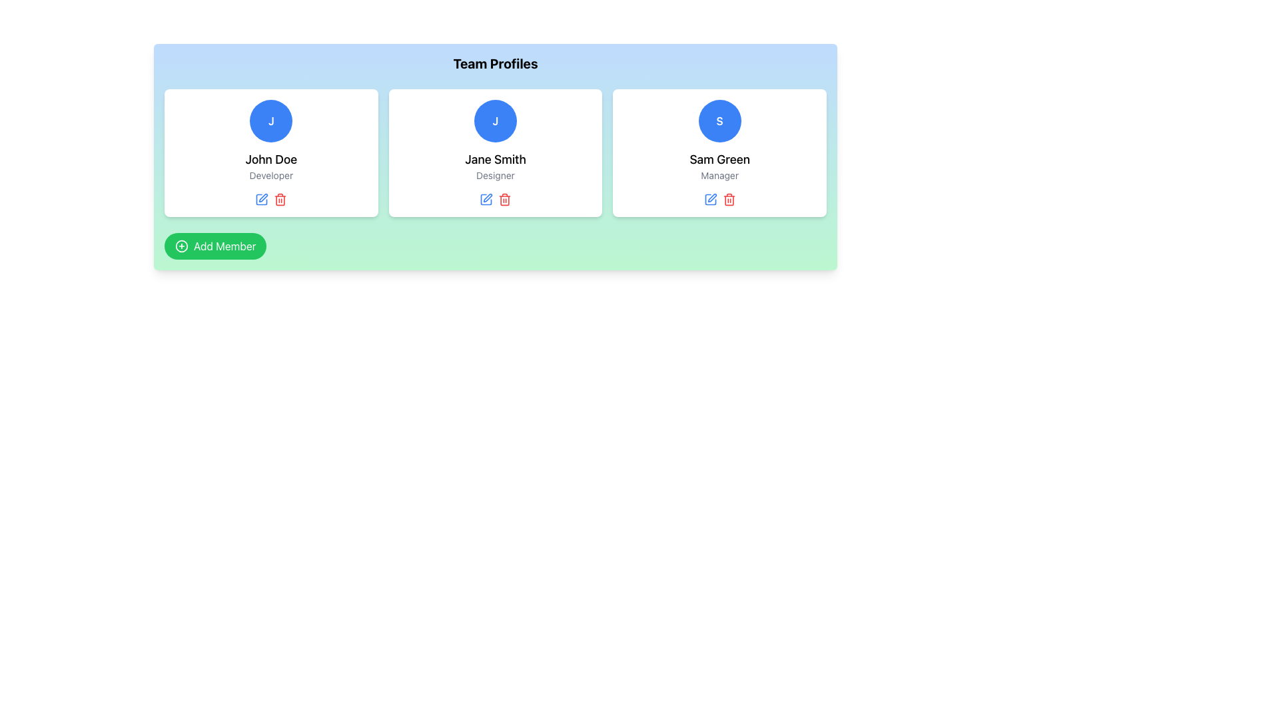  Describe the element at coordinates (495, 174) in the screenshot. I see `the text label 'Designer' which is styled in a smaller gray font and is positioned directly beneath 'Jane Smith' in the middle profile card` at that location.